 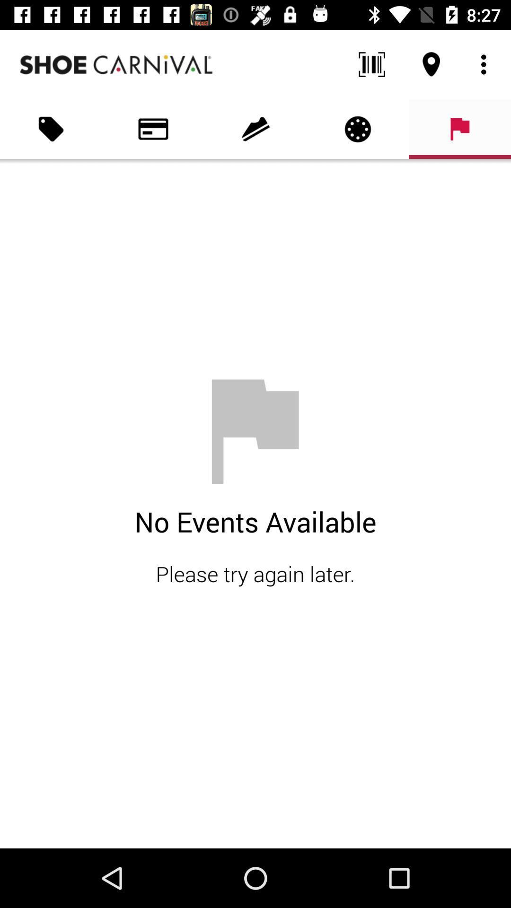 I want to click on the third image below shoe carnival text, so click(x=255, y=129).